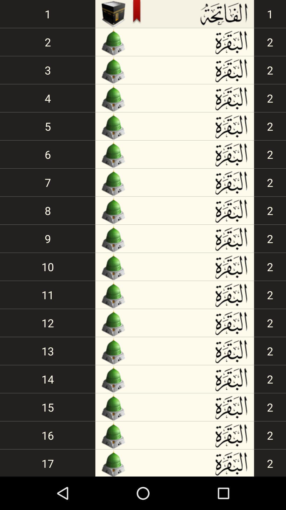  I want to click on the icon above 17 item, so click(48, 435).